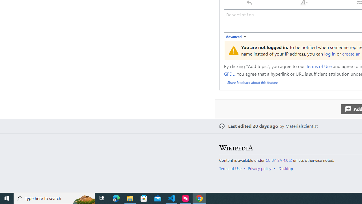 The width and height of the screenshot is (362, 204). Describe the element at coordinates (232, 168) in the screenshot. I see `'AutomationID: footer-places-terms-use'` at that location.